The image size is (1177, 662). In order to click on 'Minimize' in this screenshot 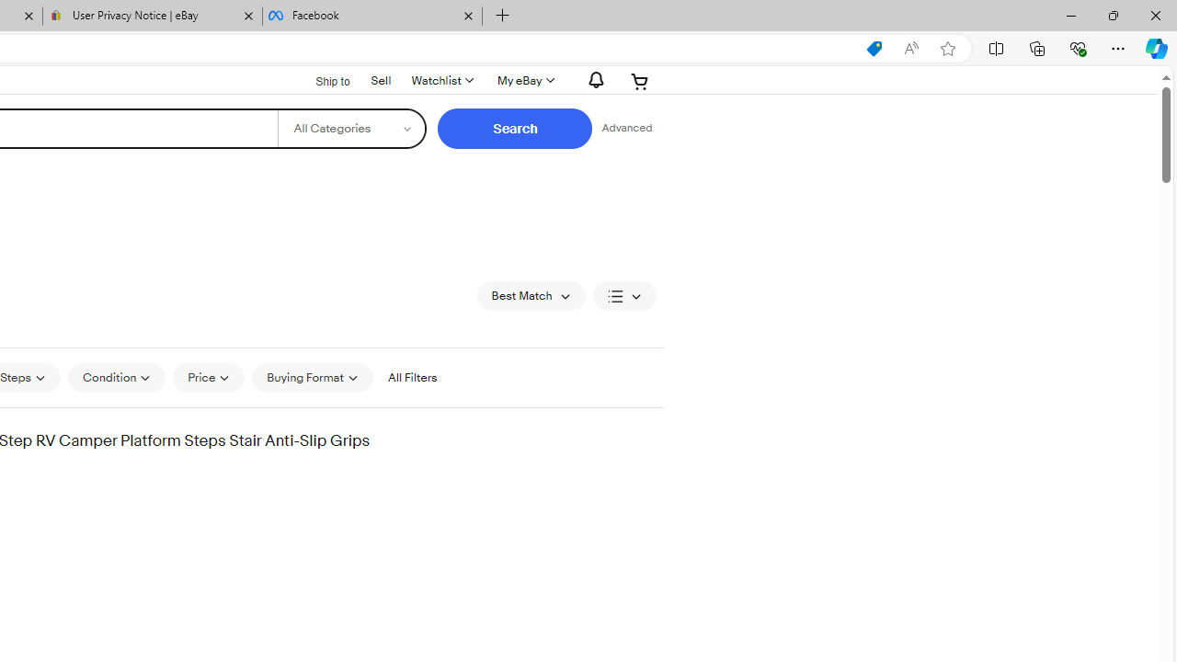, I will do `click(1070, 15)`.